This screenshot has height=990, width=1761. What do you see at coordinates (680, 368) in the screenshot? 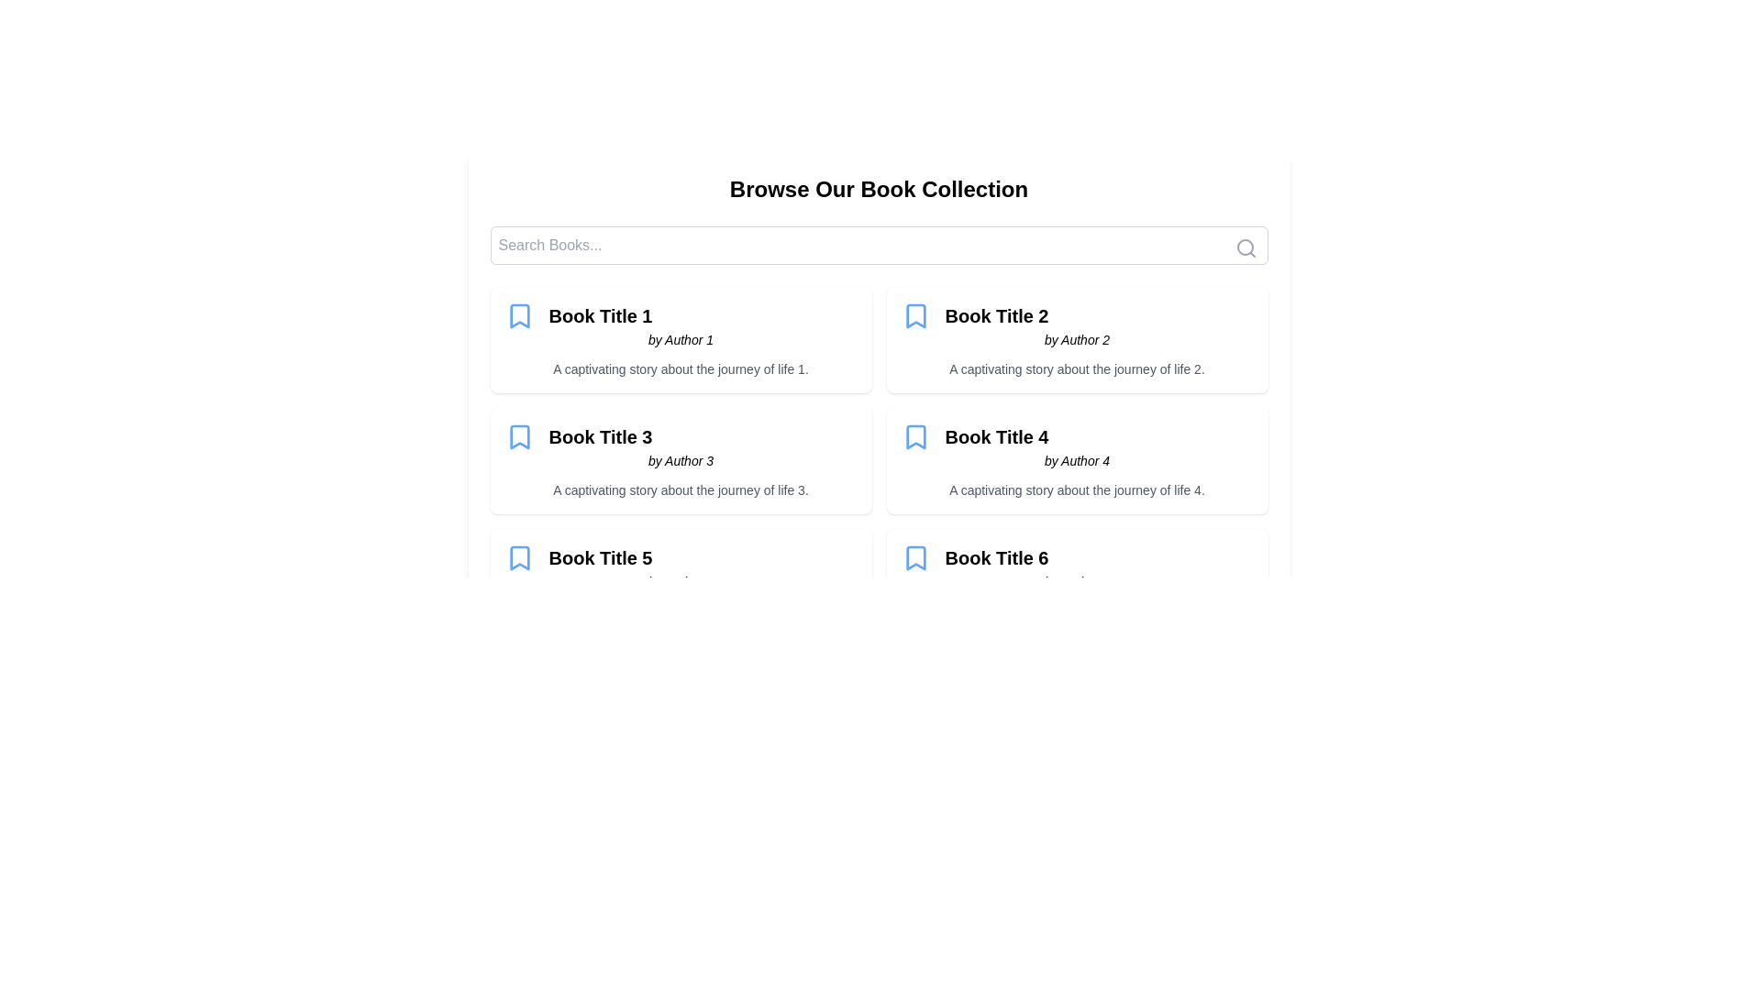
I see `the Text Label containing the text 'A captivating story about the journey of life 1.' located in the first grid box of the book list interface, positioned below 'Book Title 1' and 'by Author 1'` at bounding box center [680, 368].